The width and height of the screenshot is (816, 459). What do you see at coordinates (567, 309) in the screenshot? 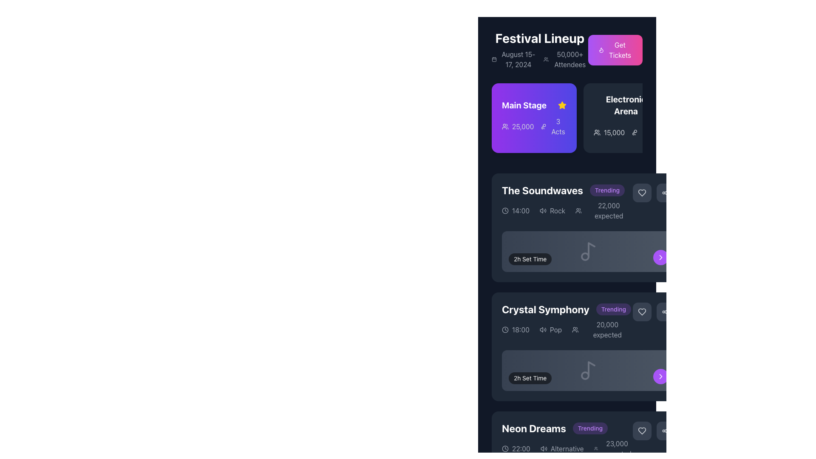
I see `the list item titled 'Crystal Symphony' with the 'Trending' badge, indicating its popularity` at bounding box center [567, 309].